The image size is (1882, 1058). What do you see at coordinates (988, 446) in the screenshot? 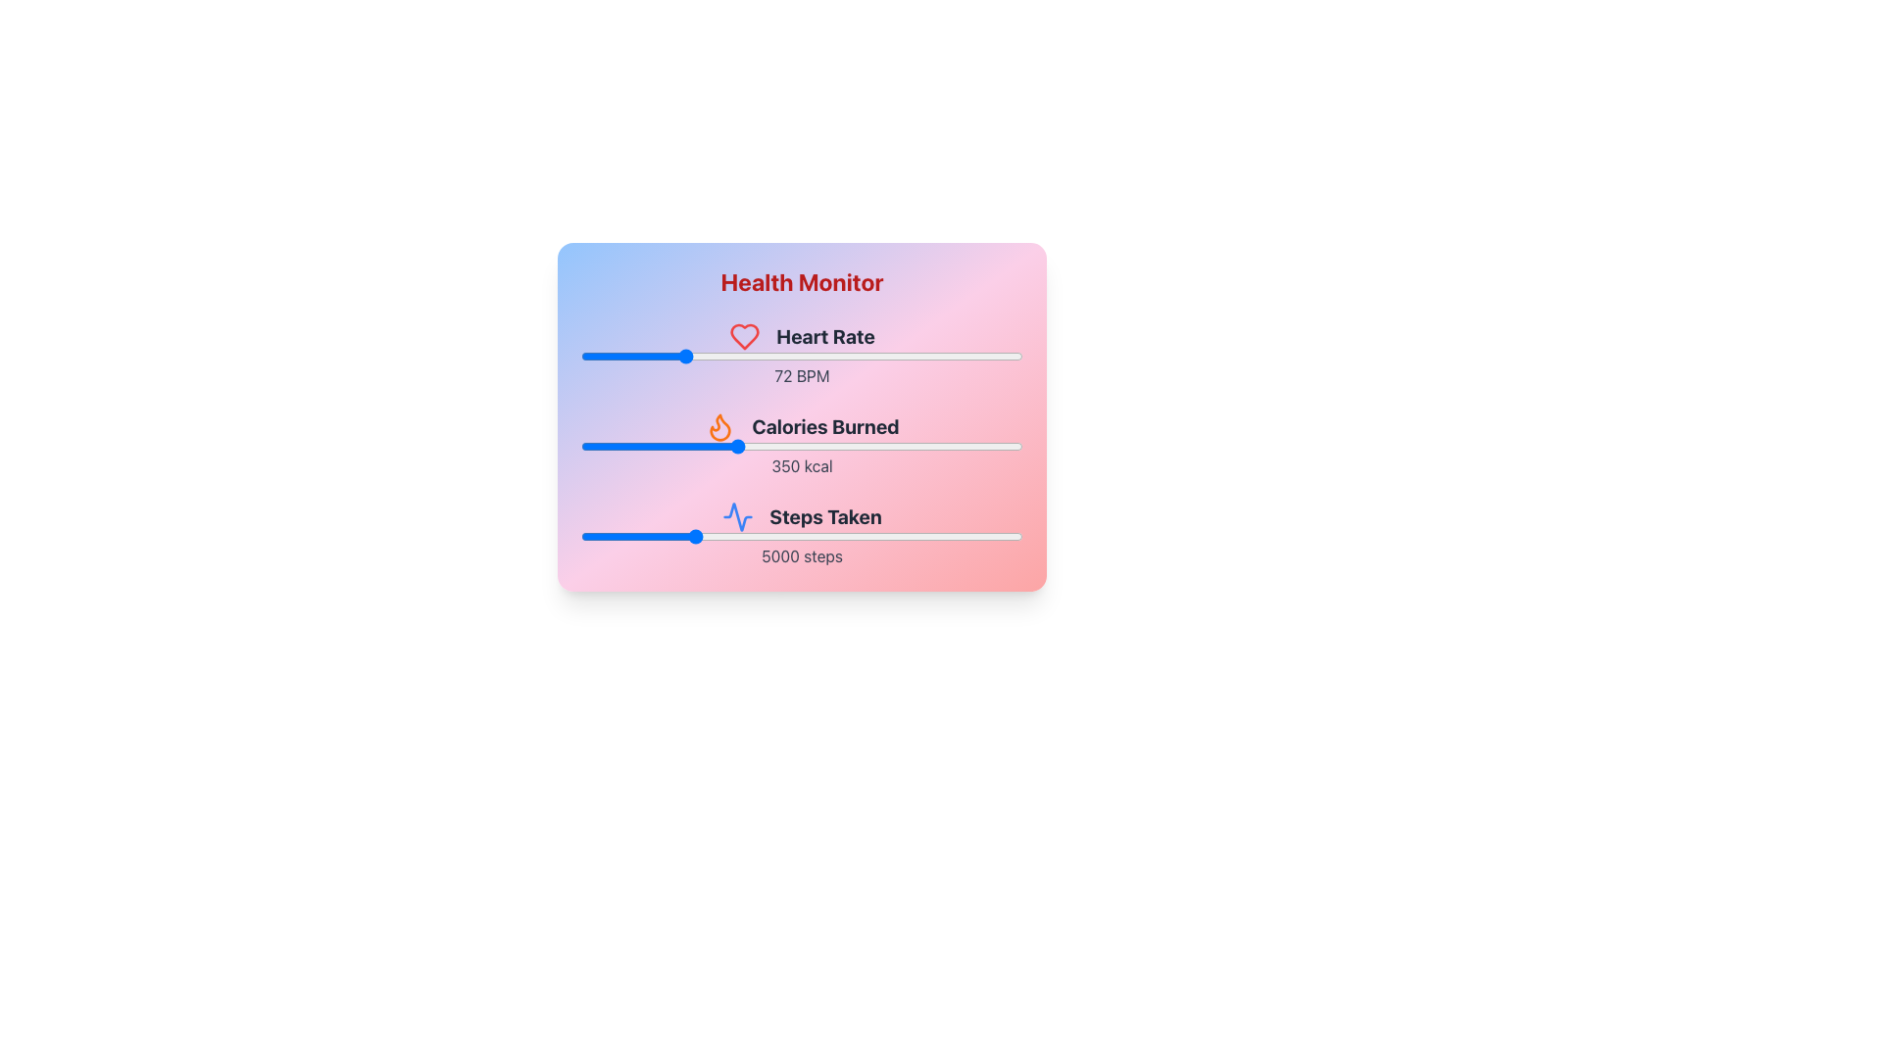
I see `calories burned` at bounding box center [988, 446].